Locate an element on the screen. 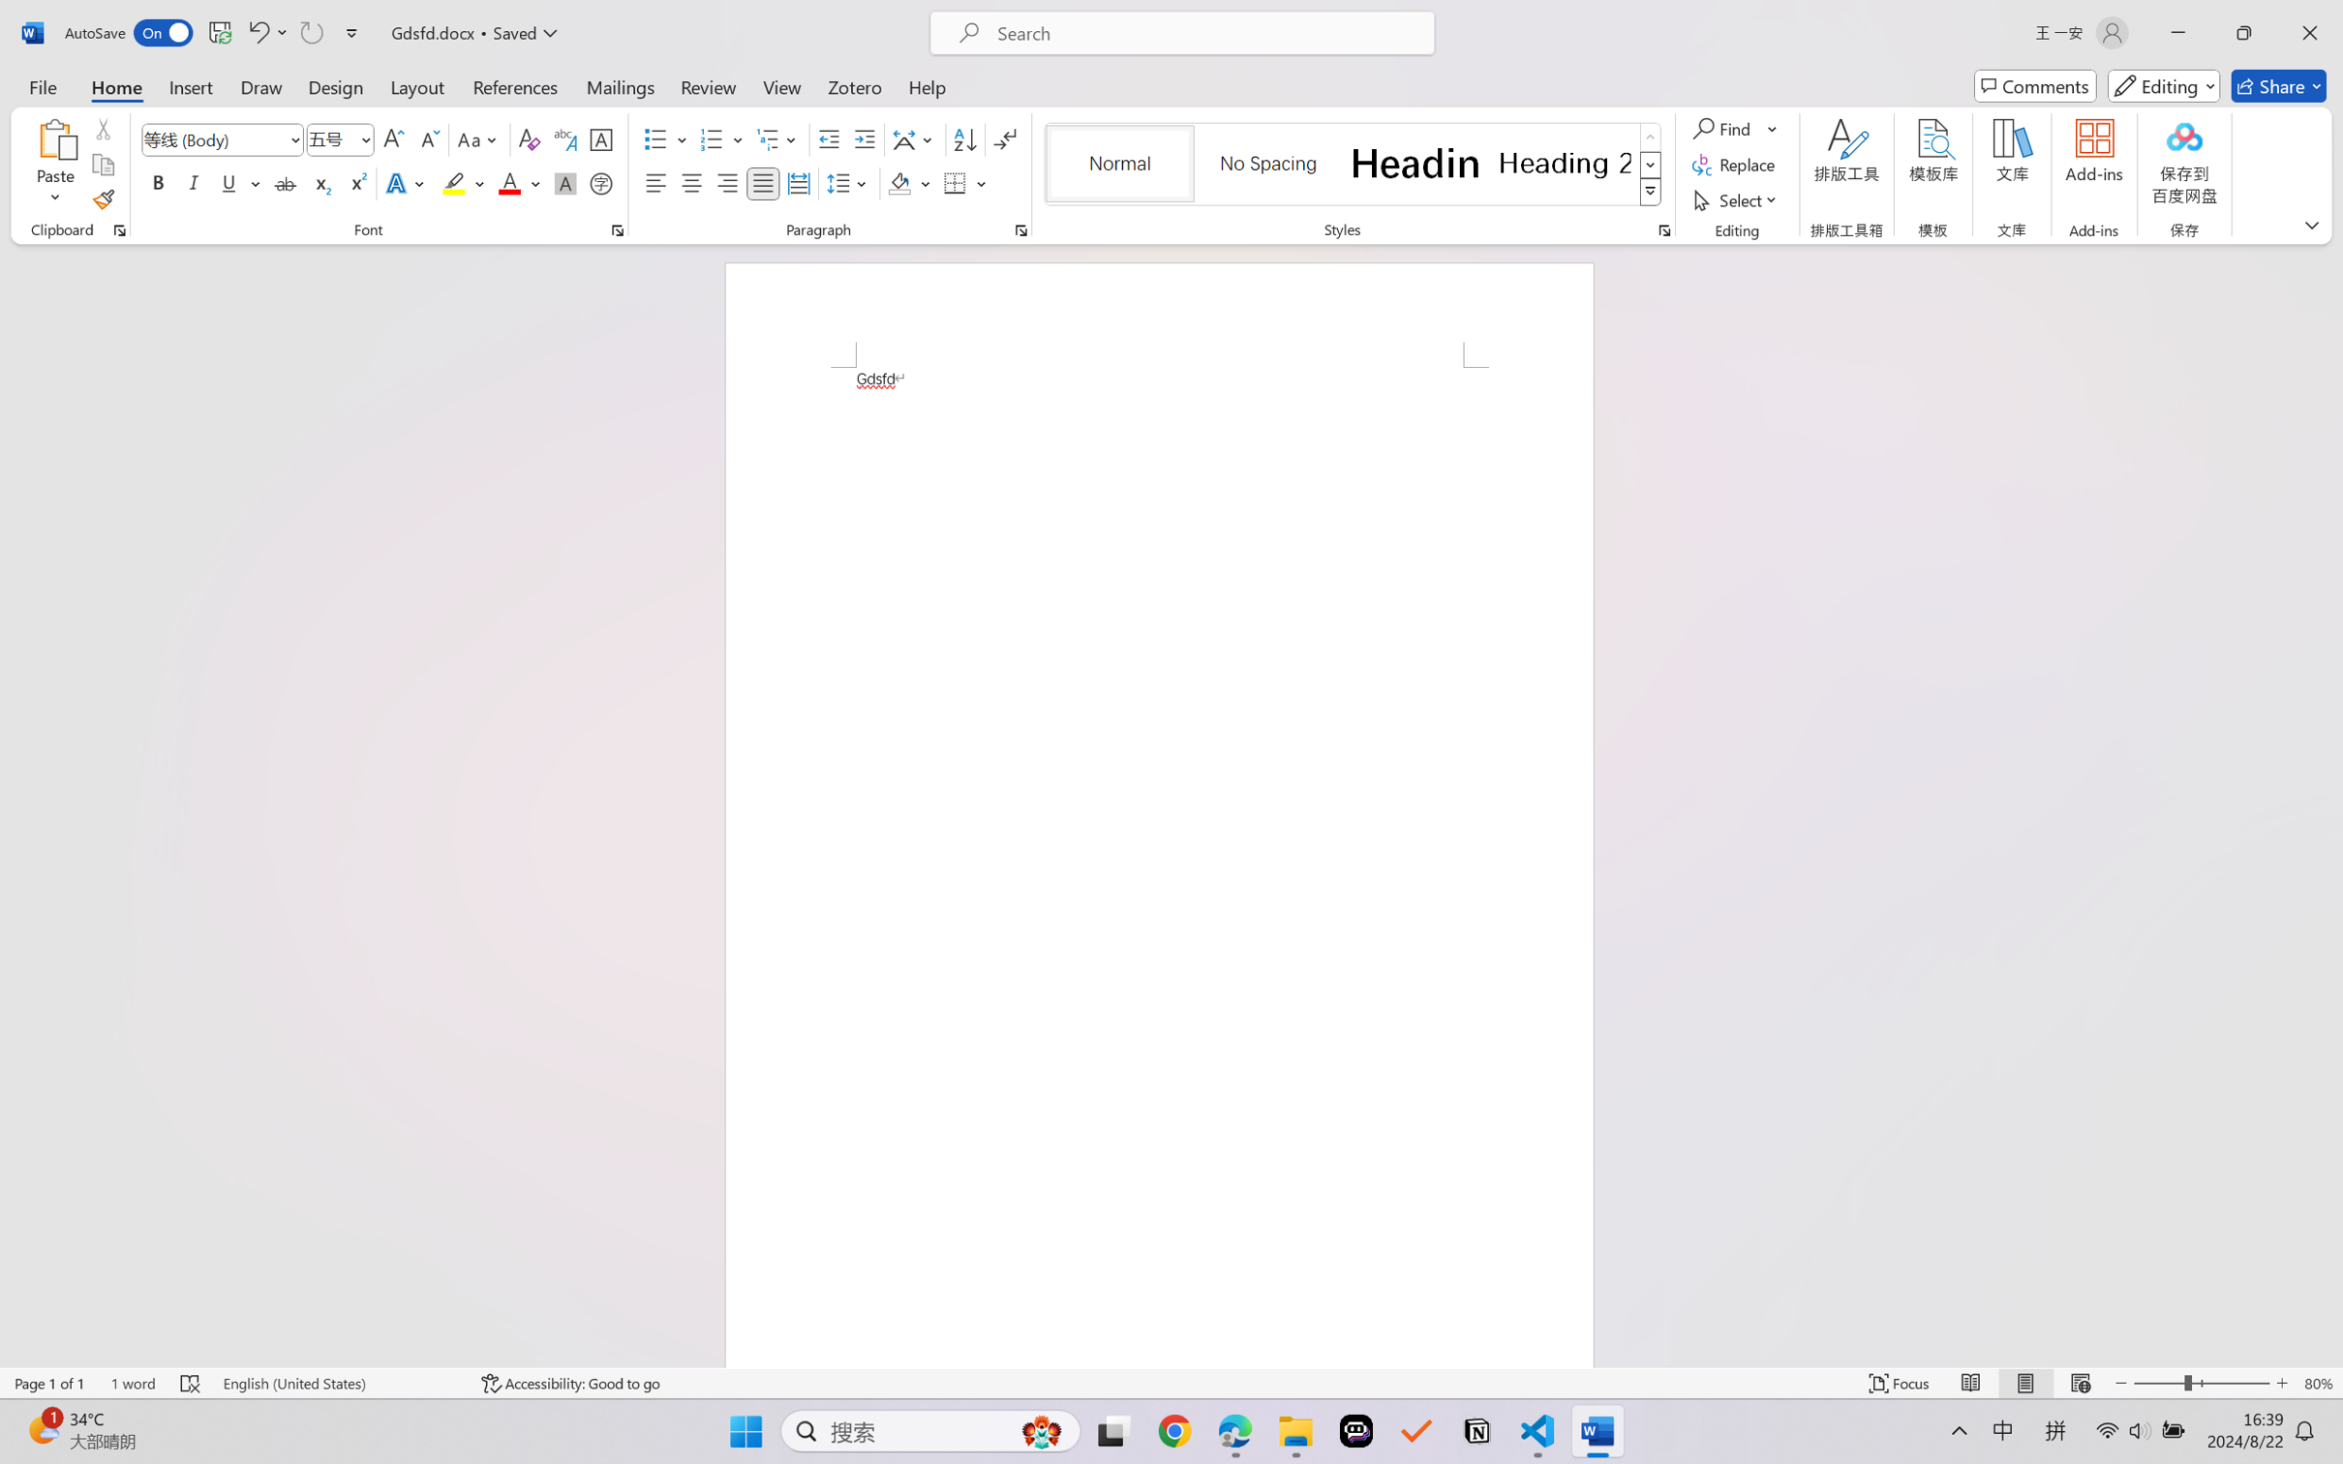 Image resolution: width=2343 pixels, height=1464 pixels. 'Class: NetUIScrollBar' is located at coordinates (2330, 805).